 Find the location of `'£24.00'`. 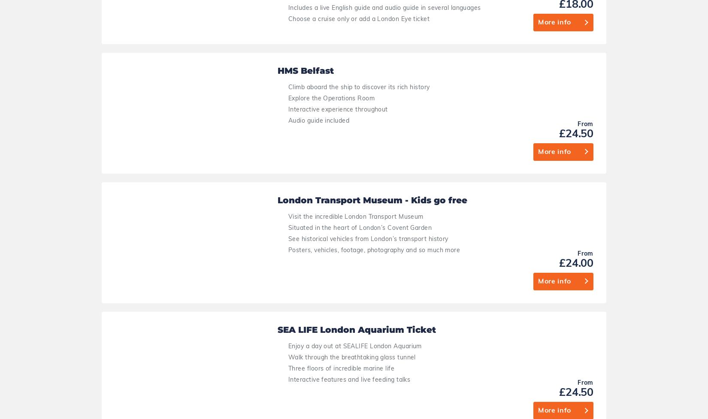

'£24.00' is located at coordinates (656, 196).